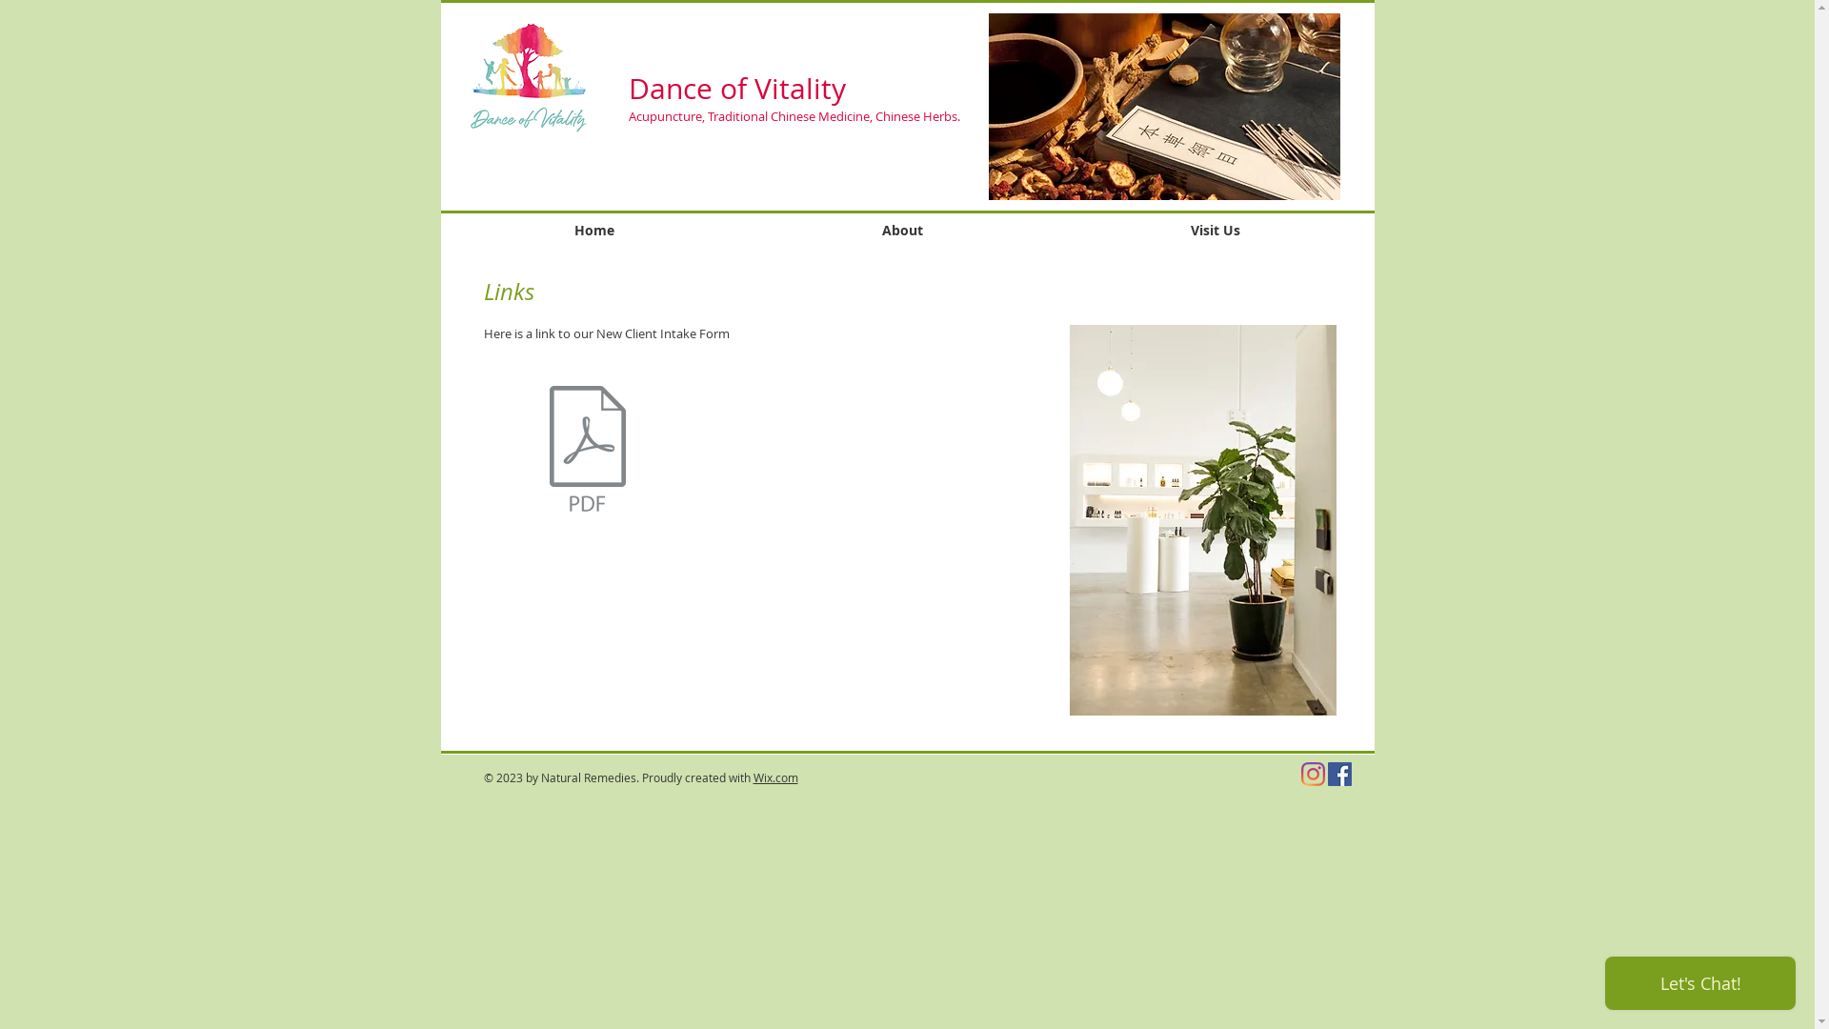 The width and height of the screenshot is (1829, 1029). What do you see at coordinates (1201, 520) in the screenshot?
I see `'pebbles 2'` at bounding box center [1201, 520].